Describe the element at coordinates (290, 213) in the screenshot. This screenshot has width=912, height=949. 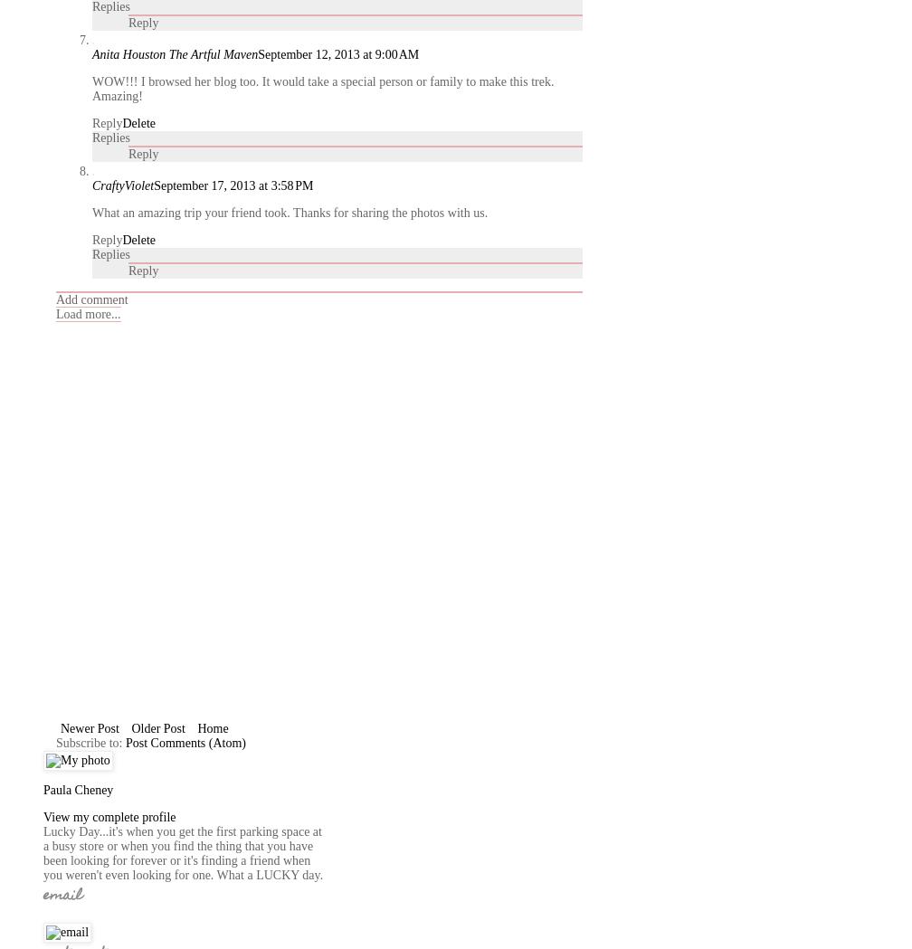
I see `'What an amazing trip your friend took. Thanks for sharing the photos with us.'` at that location.